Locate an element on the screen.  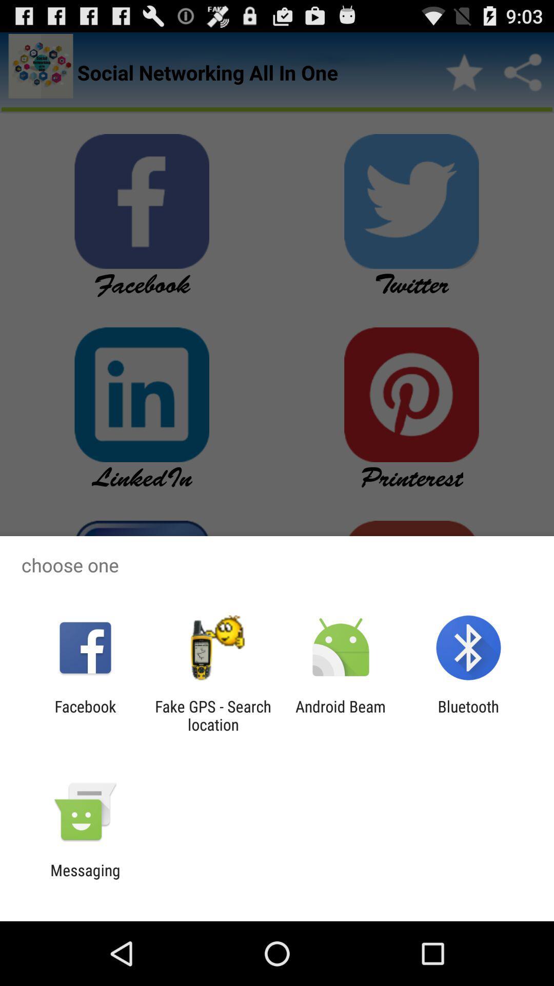
the item to the right of the android beam item is located at coordinates (468, 715).